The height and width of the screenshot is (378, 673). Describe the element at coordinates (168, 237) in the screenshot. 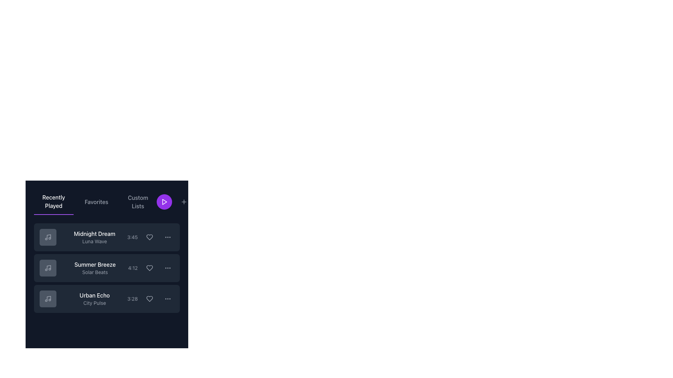

I see `the horizontal ellipsis icon located in the 'Recently Played' section beside the 'Midnight Dream' track entry` at that location.